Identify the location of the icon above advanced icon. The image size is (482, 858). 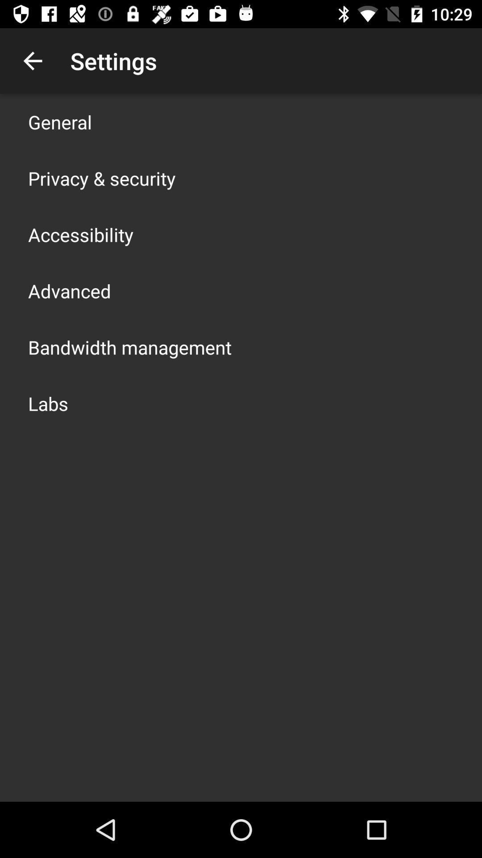
(81, 234).